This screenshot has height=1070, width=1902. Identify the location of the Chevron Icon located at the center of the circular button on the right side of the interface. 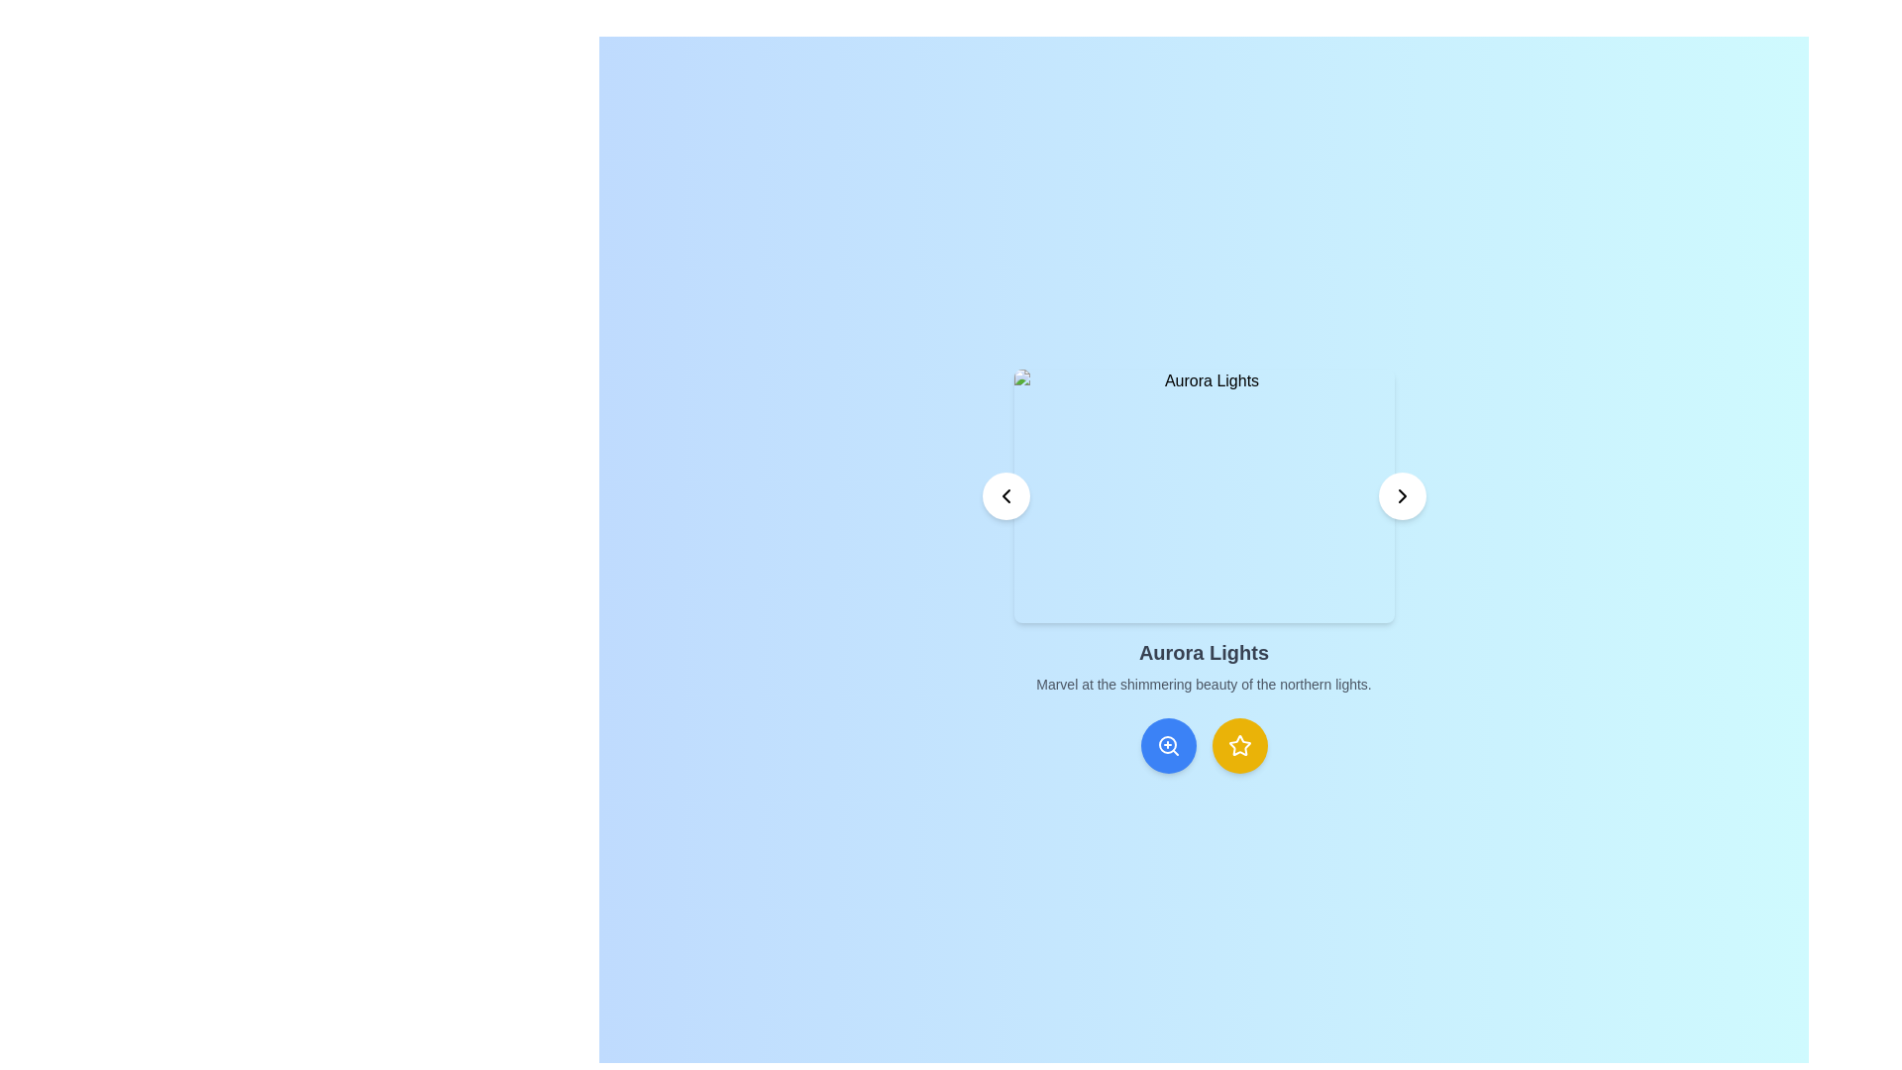
(1401, 495).